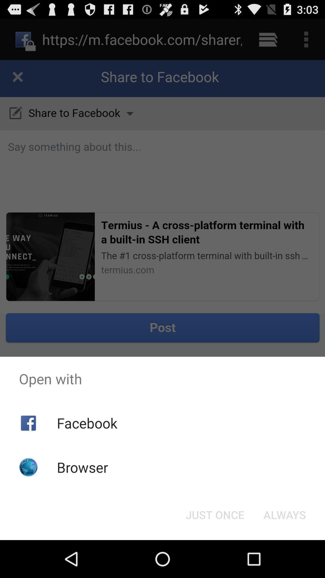 This screenshot has height=578, width=325. I want to click on the button at the bottom right corner, so click(284, 514).